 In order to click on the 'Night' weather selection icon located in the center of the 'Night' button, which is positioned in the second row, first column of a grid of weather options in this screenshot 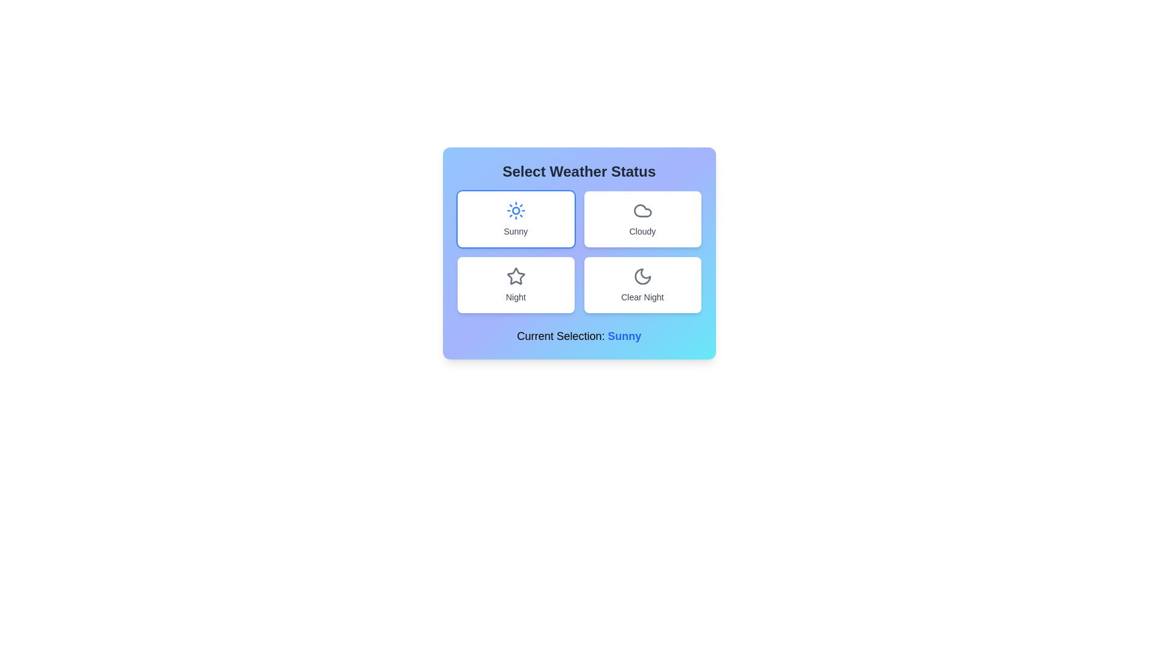, I will do `click(515, 275)`.